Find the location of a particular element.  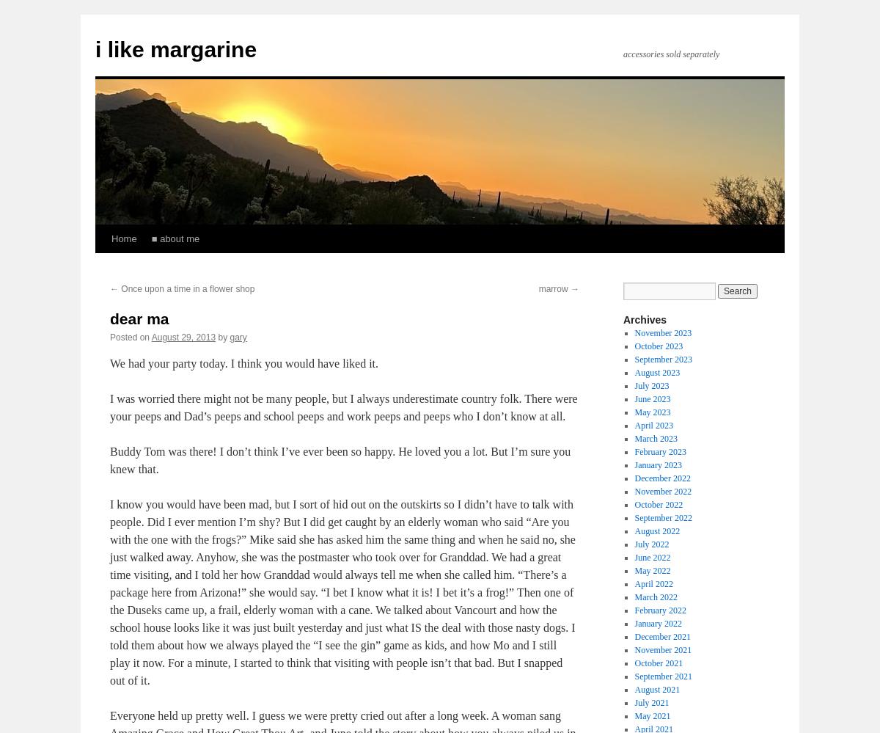

'September 2022' is located at coordinates (633, 517).